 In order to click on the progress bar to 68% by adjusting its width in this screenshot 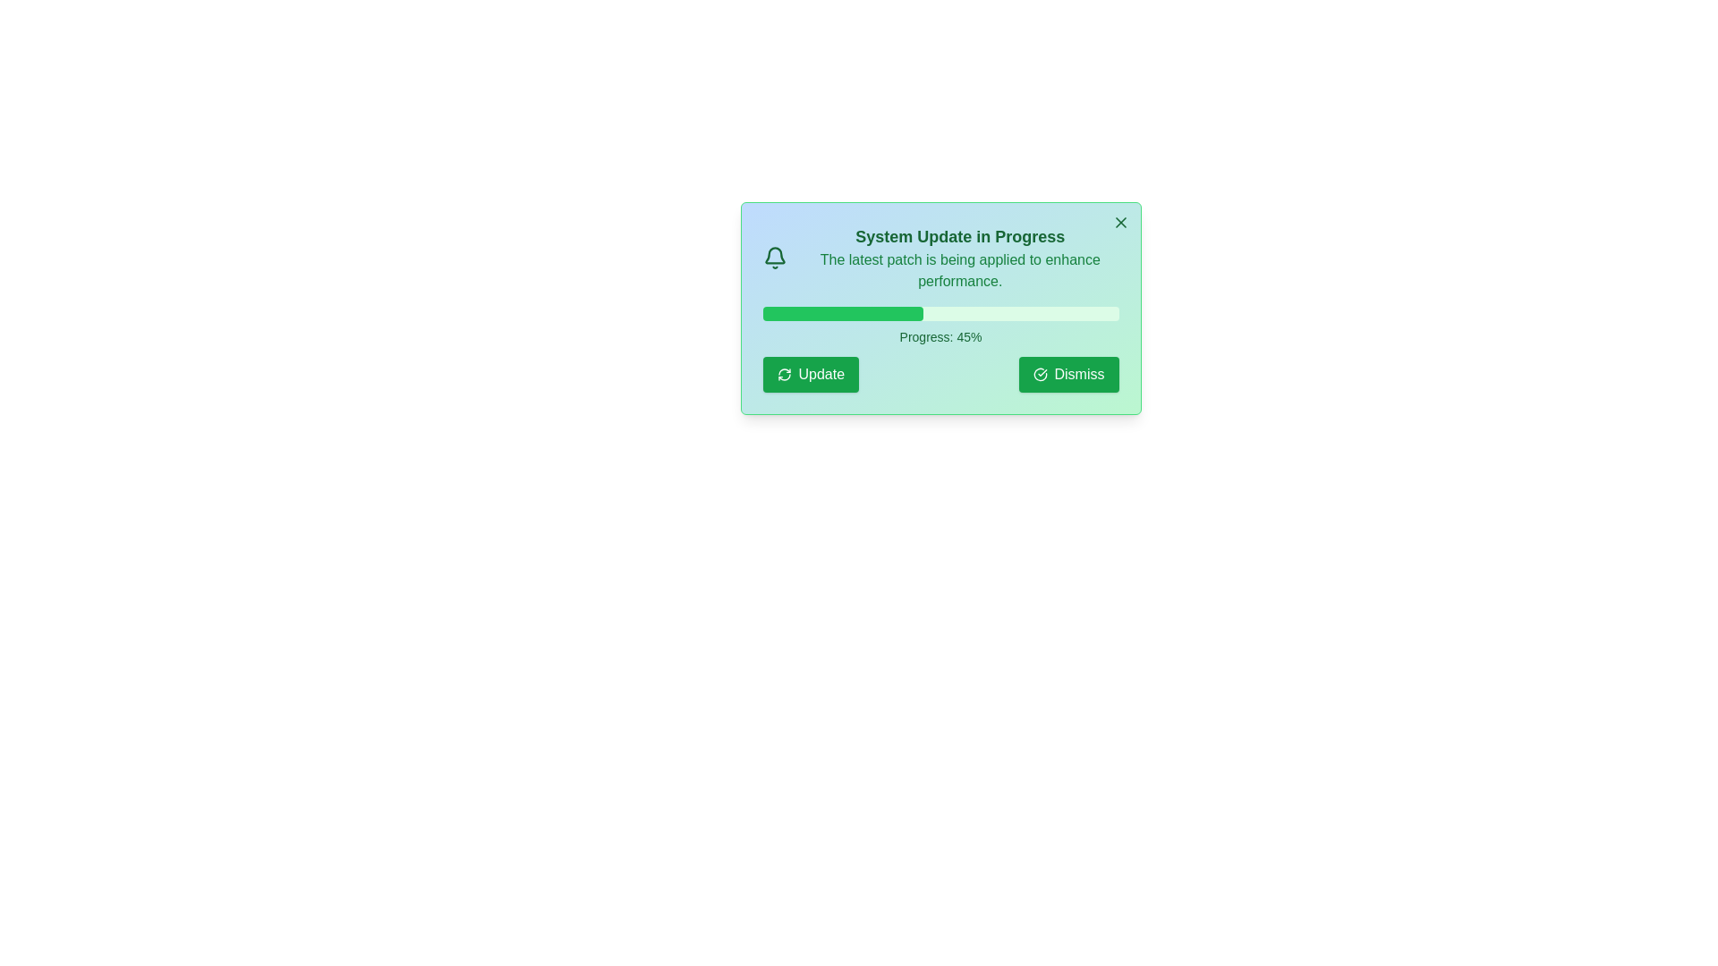, I will do `click(1005, 313)`.